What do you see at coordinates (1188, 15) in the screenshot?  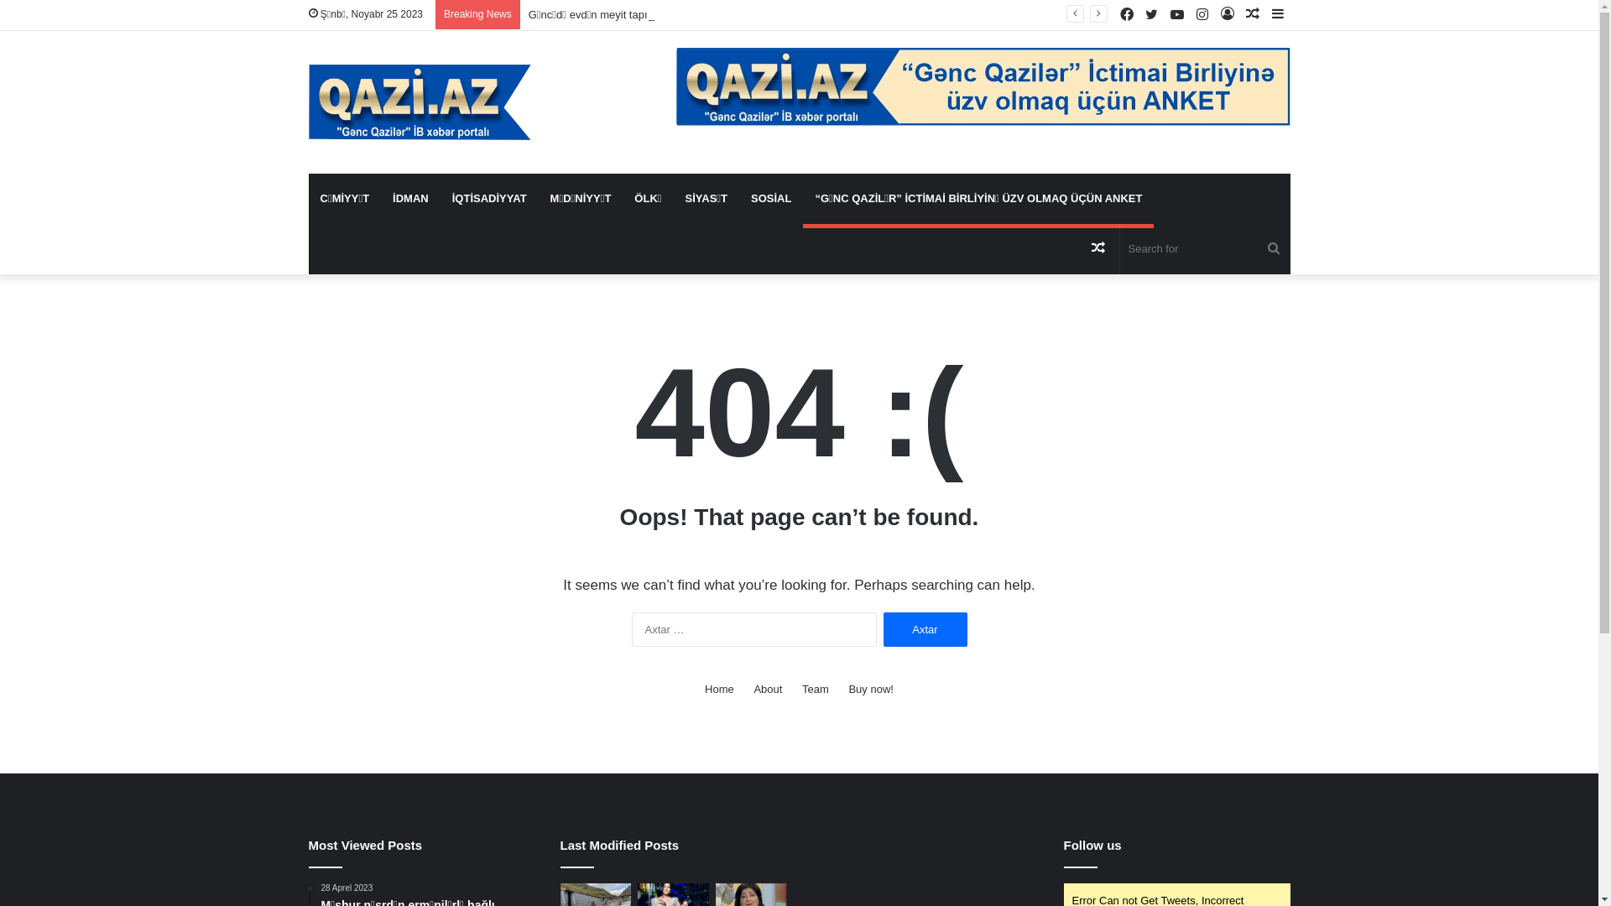 I see `'Instagram'` at bounding box center [1188, 15].